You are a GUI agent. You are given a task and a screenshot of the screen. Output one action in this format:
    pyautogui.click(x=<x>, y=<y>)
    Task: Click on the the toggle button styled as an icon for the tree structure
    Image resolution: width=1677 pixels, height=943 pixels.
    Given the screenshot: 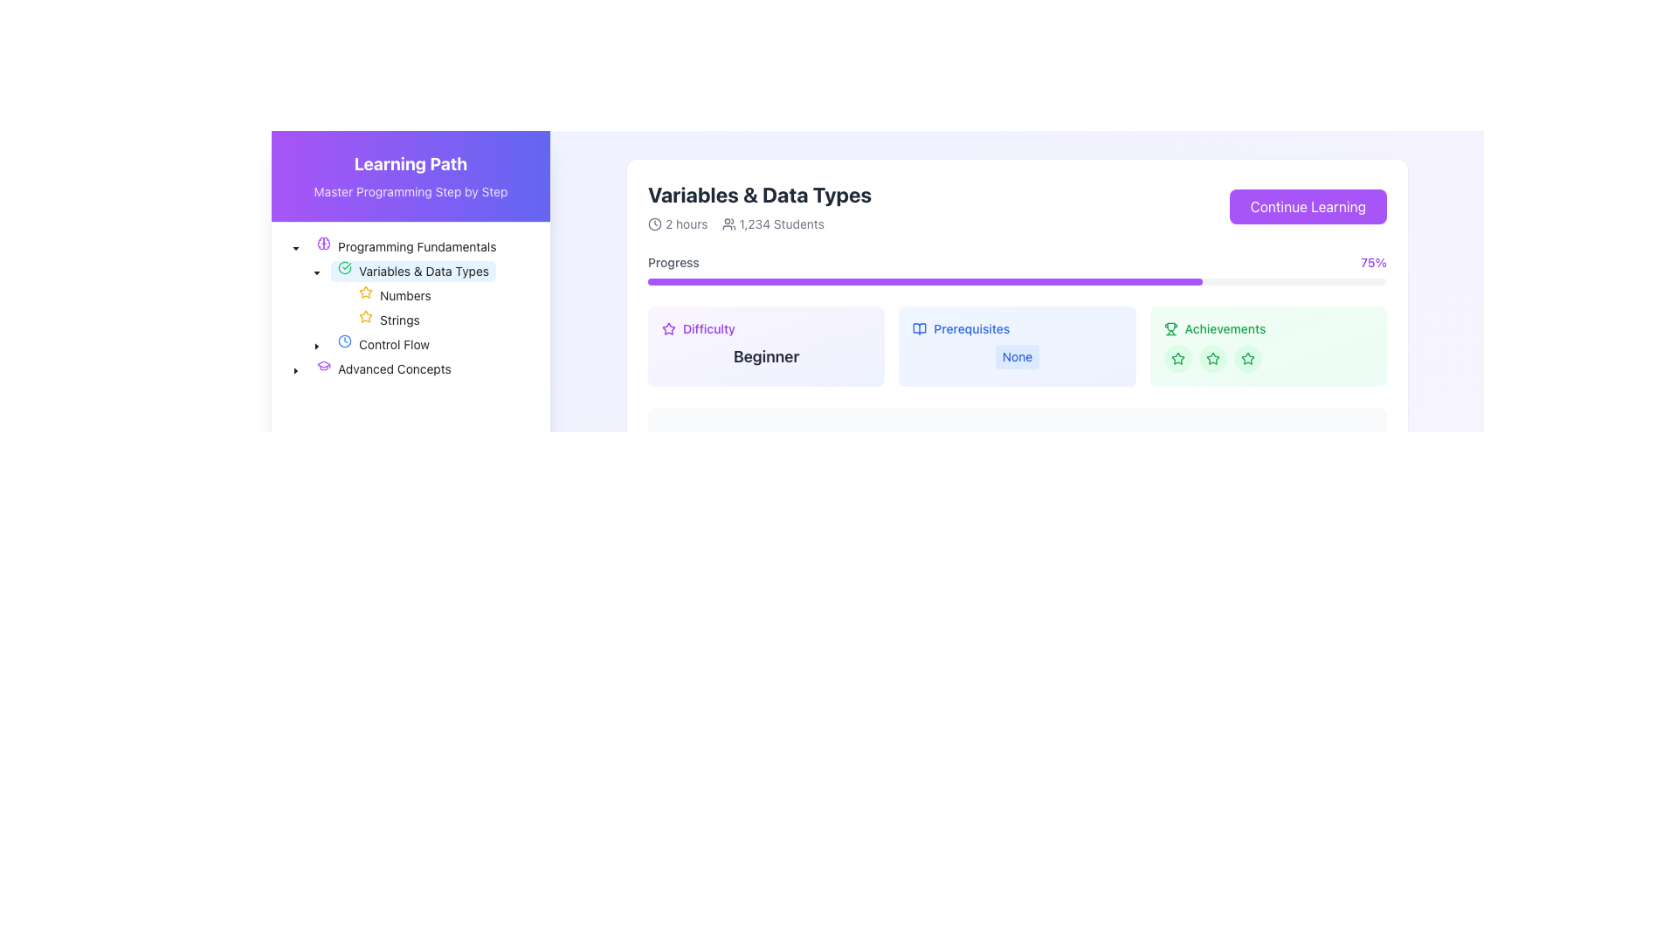 What is the action you would take?
    pyautogui.click(x=296, y=246)
    